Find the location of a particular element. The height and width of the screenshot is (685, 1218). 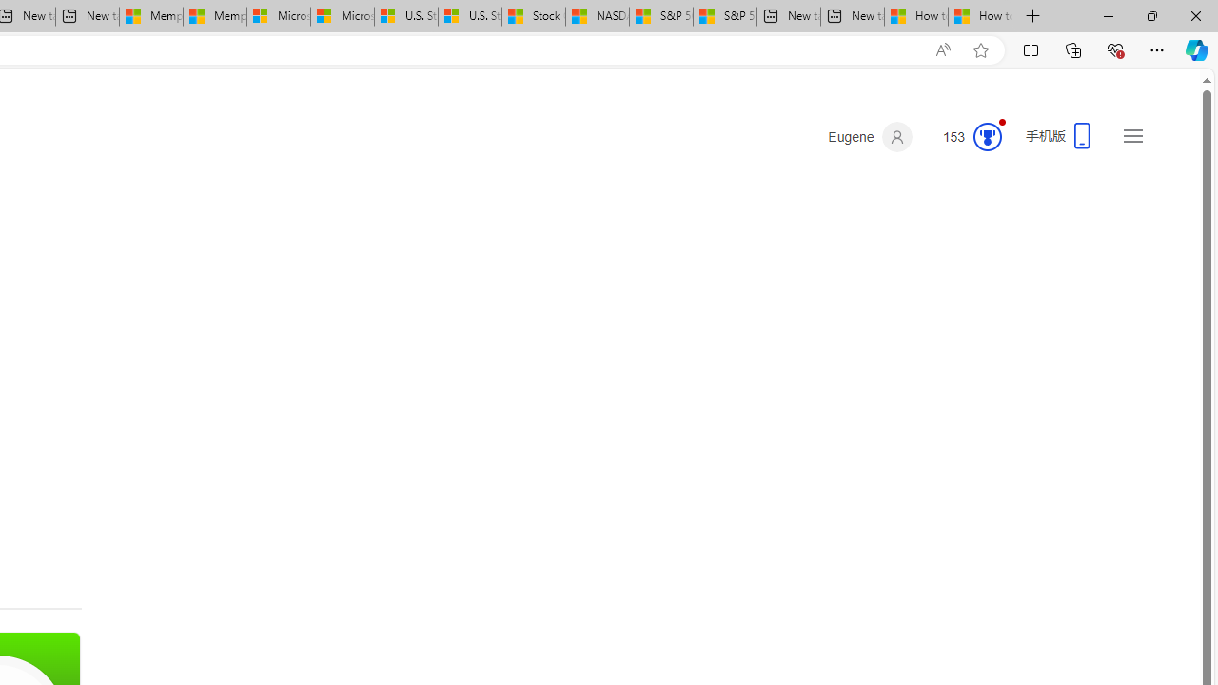

'S&P 500, Nasdaq end lower, weighed by Nvidia dip | Watch' is located at coordinates (723, 16).